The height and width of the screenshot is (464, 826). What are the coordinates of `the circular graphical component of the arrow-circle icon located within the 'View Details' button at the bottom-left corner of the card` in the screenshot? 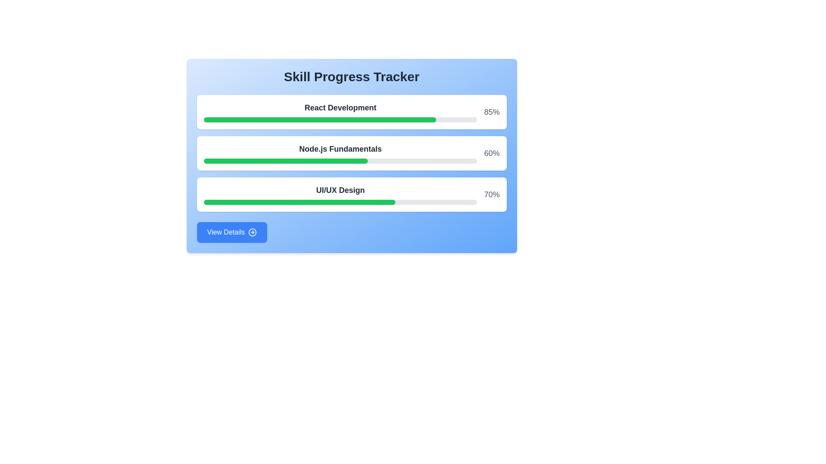 It's located at (252, 232).